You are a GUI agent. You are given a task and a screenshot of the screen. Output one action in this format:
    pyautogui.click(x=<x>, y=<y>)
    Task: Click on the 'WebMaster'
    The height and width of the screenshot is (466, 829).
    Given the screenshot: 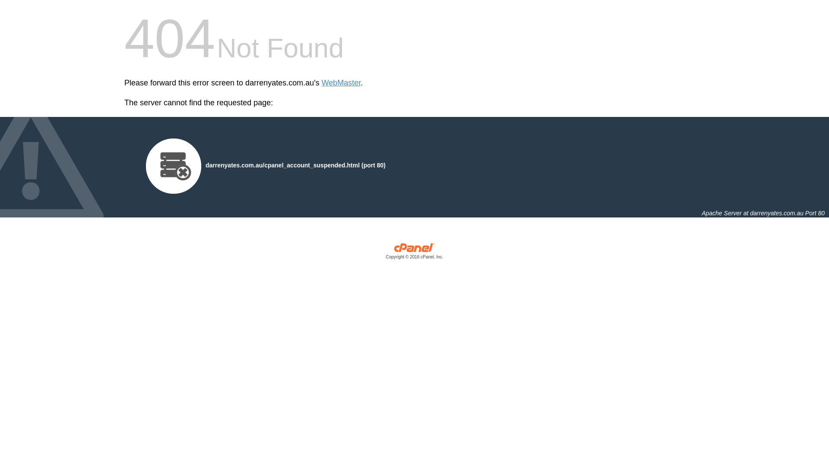 What is the action you would take?
    pyautogui.click(x=341, y=83)
    